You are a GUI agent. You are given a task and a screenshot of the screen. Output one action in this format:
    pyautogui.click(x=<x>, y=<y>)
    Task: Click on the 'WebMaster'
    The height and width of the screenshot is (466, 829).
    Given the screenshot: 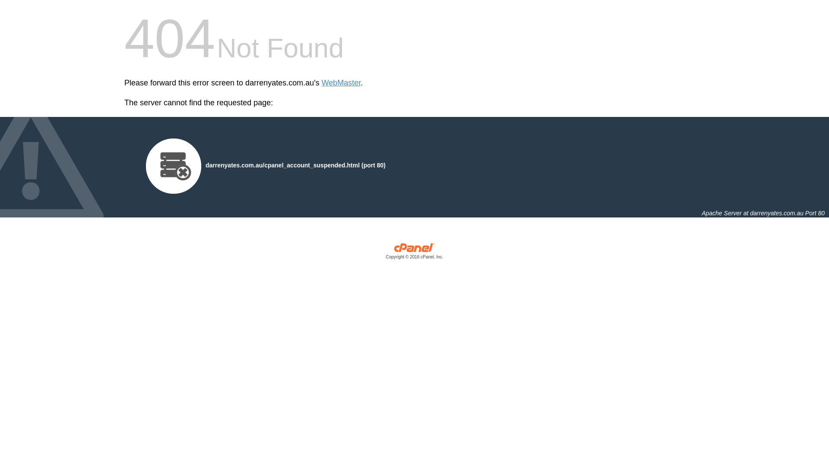 What is the action you would take?
    pyautogui.click(x=341, y=83)
    